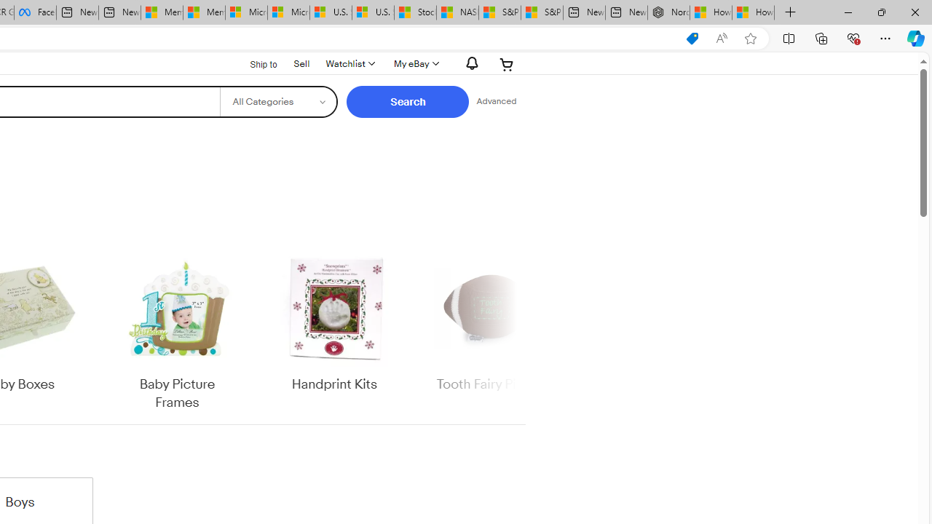 Image resolution: width=932 pixels, height=524 pixels. What do you see at coordinates (408, 101) in the screenshot?
I see `'Search'` at bounding box center [408, 101].